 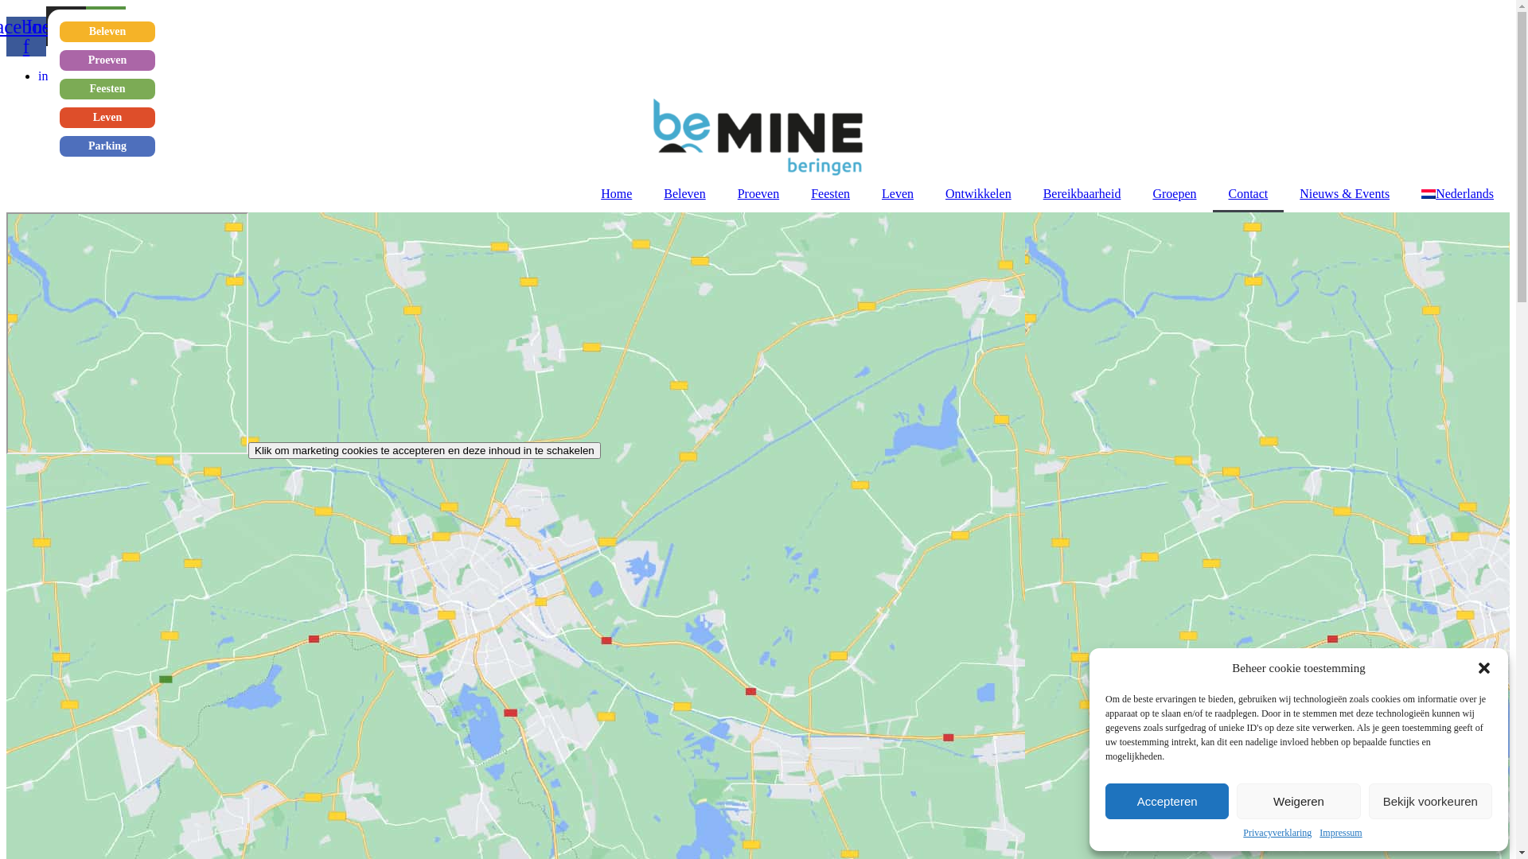 I want to click on 'Nederlands', so click(x=1457, y=192).